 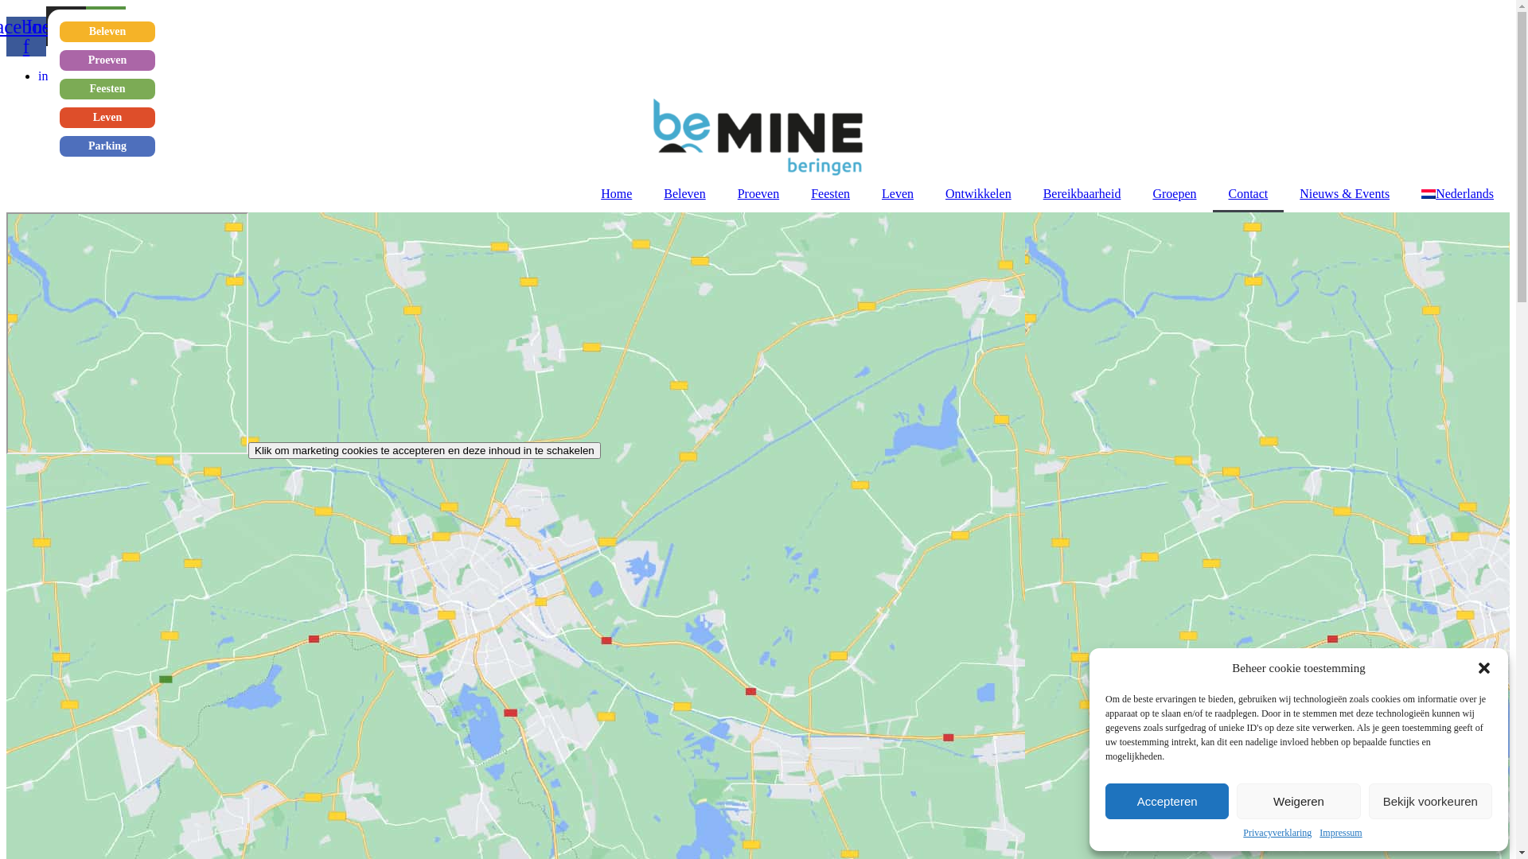 I want to click on 'Nederlands', so click(x=1457, y=192).